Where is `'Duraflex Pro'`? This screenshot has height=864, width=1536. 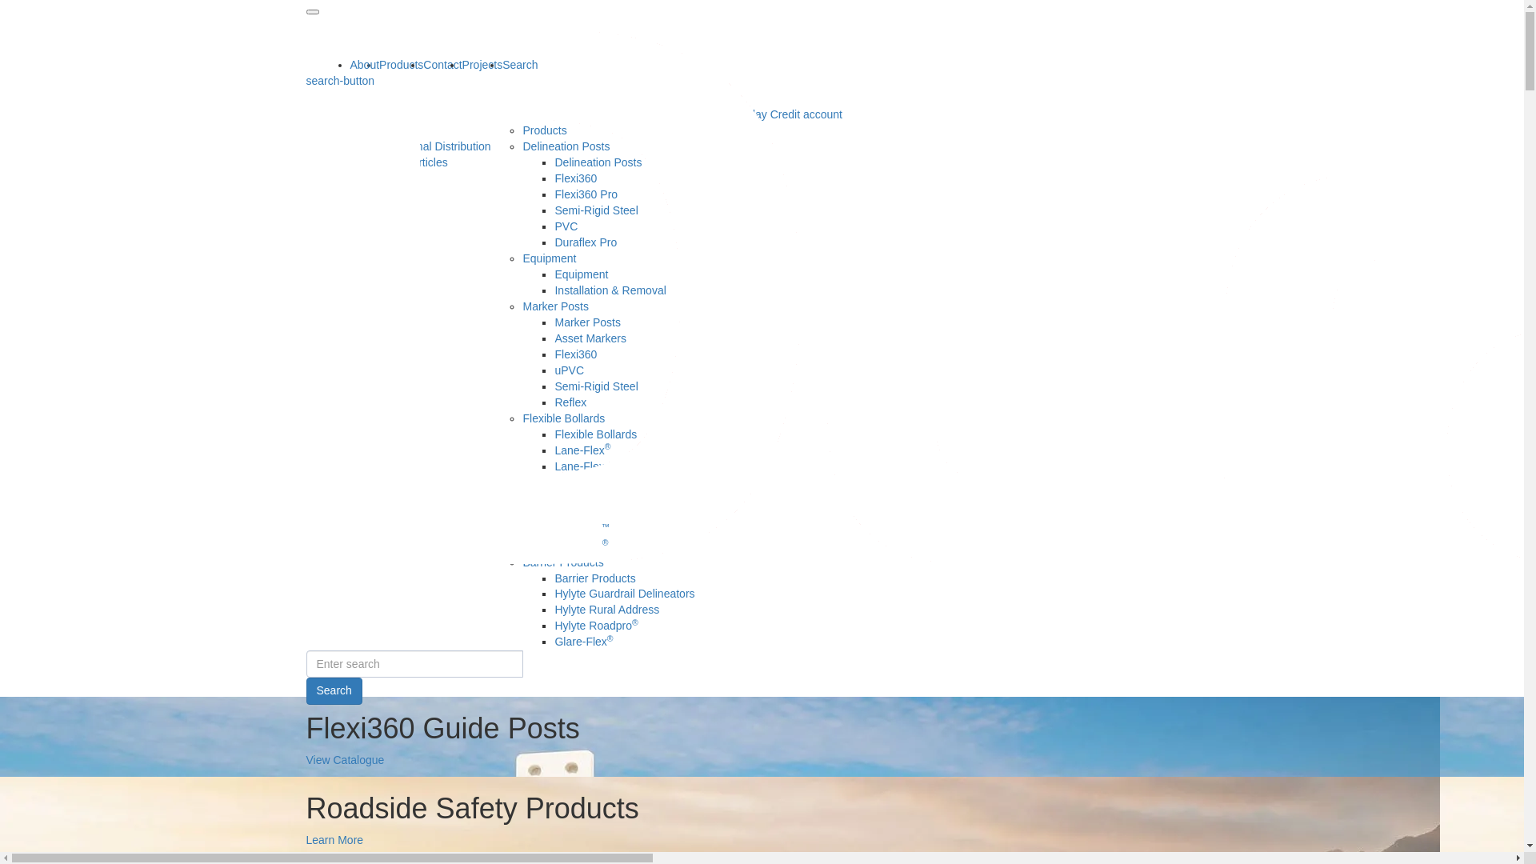
'Duraflex Pro' is located at coordinates (554, 242).